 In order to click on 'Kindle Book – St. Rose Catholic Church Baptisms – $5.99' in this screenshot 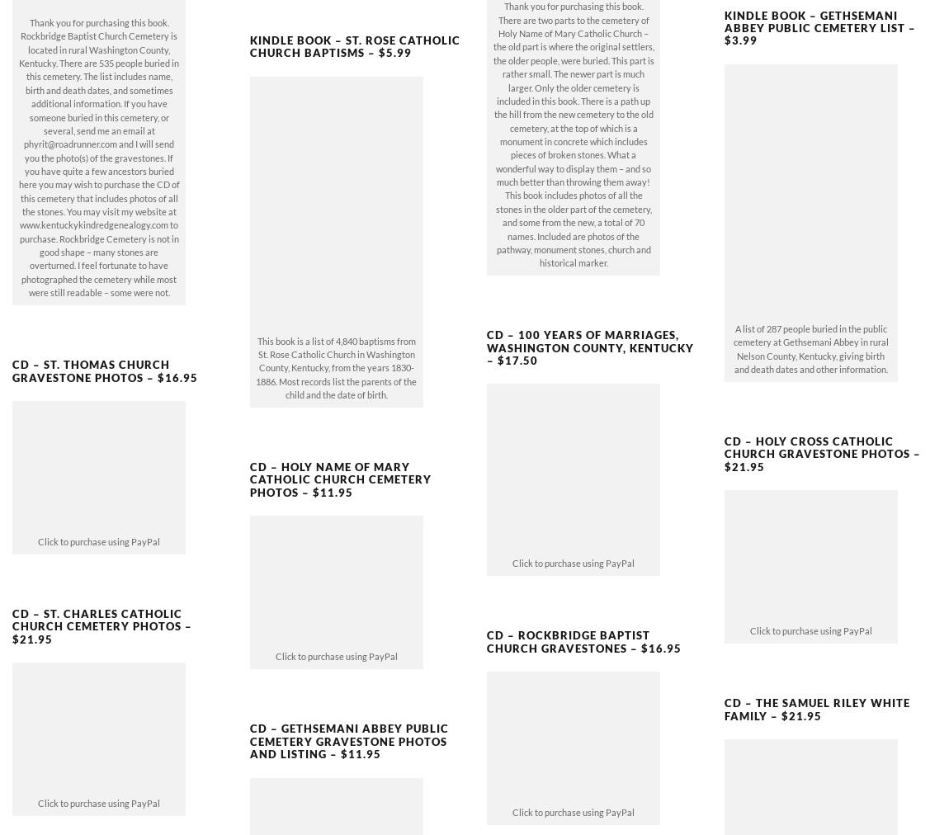, I will do `click(354, 17)`.